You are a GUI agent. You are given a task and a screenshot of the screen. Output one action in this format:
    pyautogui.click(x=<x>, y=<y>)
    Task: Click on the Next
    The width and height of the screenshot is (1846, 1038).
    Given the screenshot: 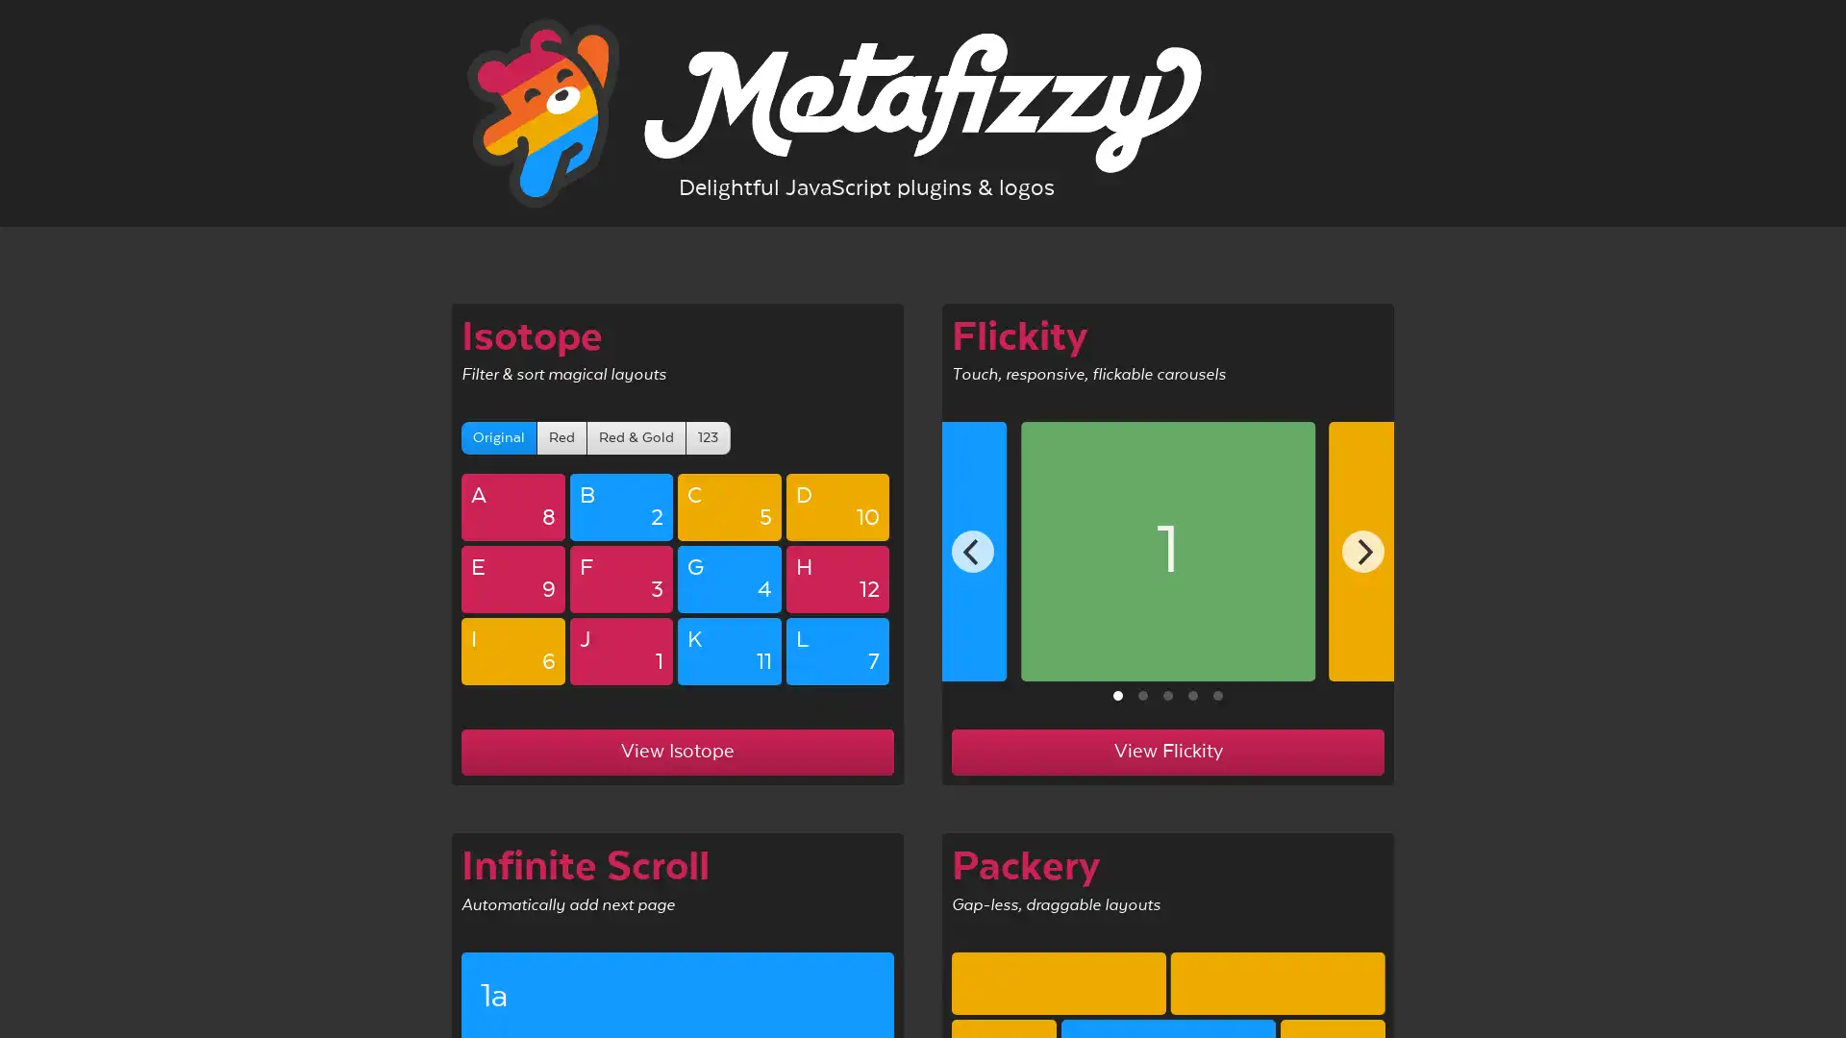 What is the action you would take?
    pyautogui.click(x=1361, y=552)
    